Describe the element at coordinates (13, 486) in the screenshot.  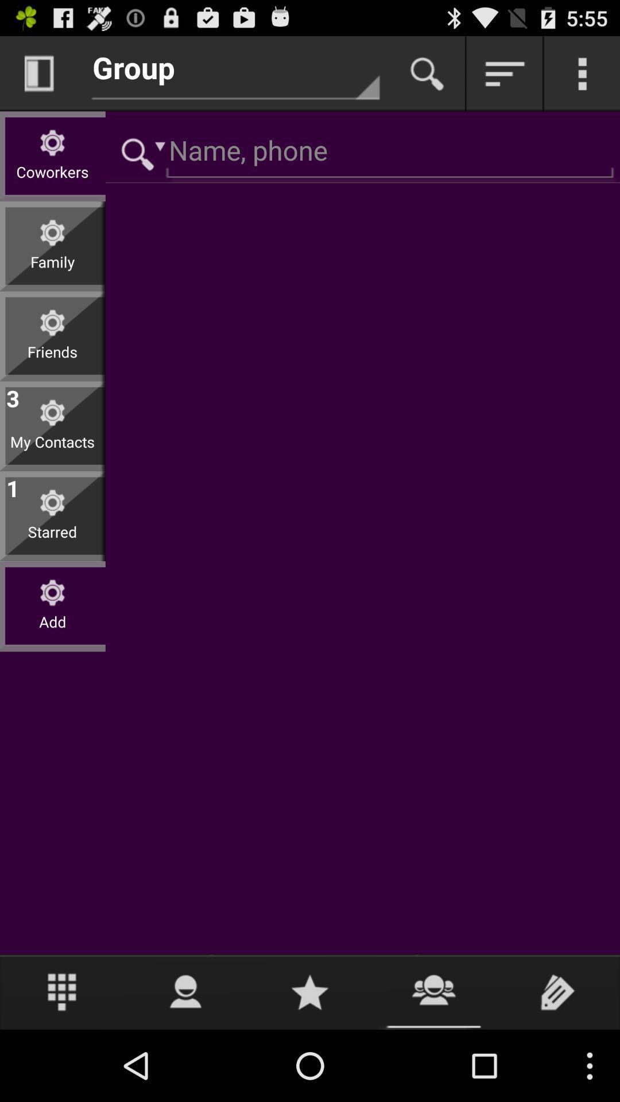
I see `1` at that location.